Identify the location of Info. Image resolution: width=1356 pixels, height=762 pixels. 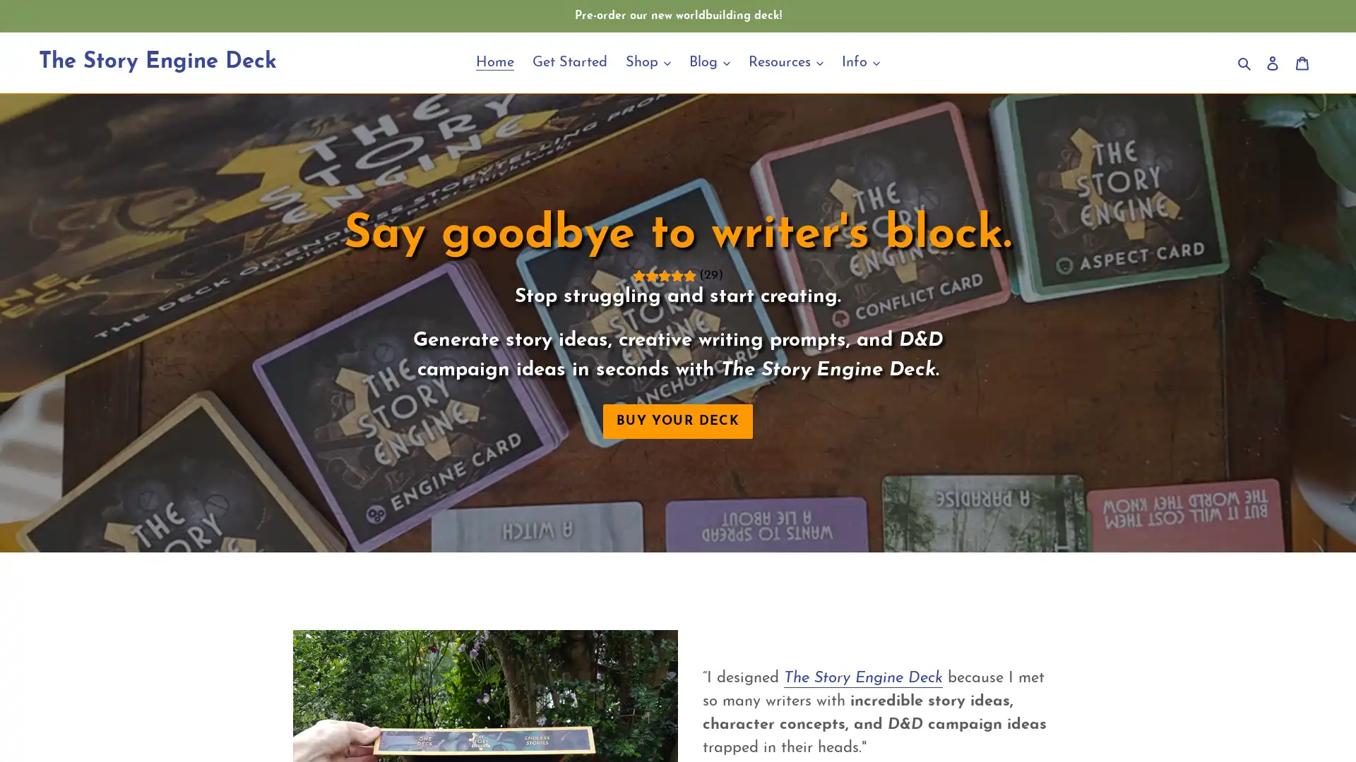
(860, 61).